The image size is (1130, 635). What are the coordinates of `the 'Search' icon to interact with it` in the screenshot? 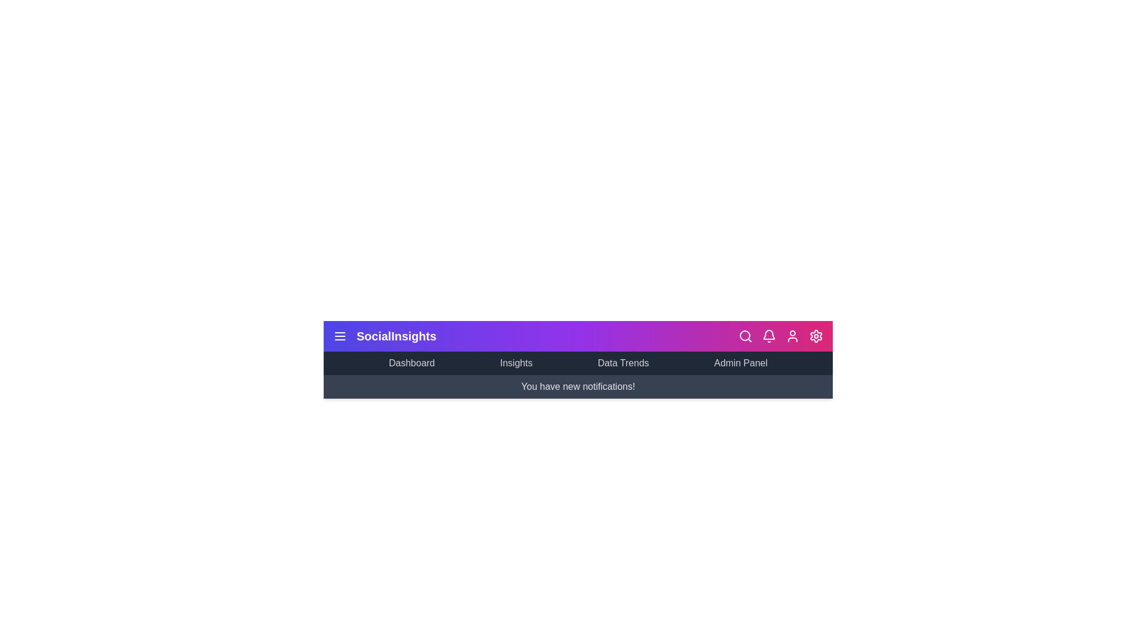 It's located at (745, 336).